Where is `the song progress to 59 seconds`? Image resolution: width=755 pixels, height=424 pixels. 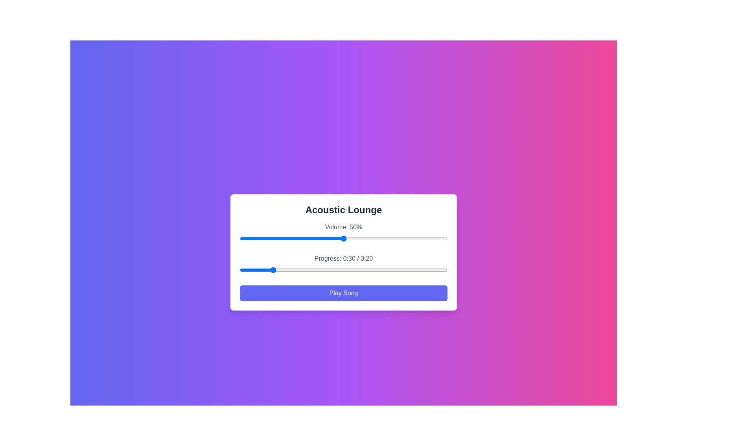 the song progress to 59 seconds is located at coordinates (300, 269).